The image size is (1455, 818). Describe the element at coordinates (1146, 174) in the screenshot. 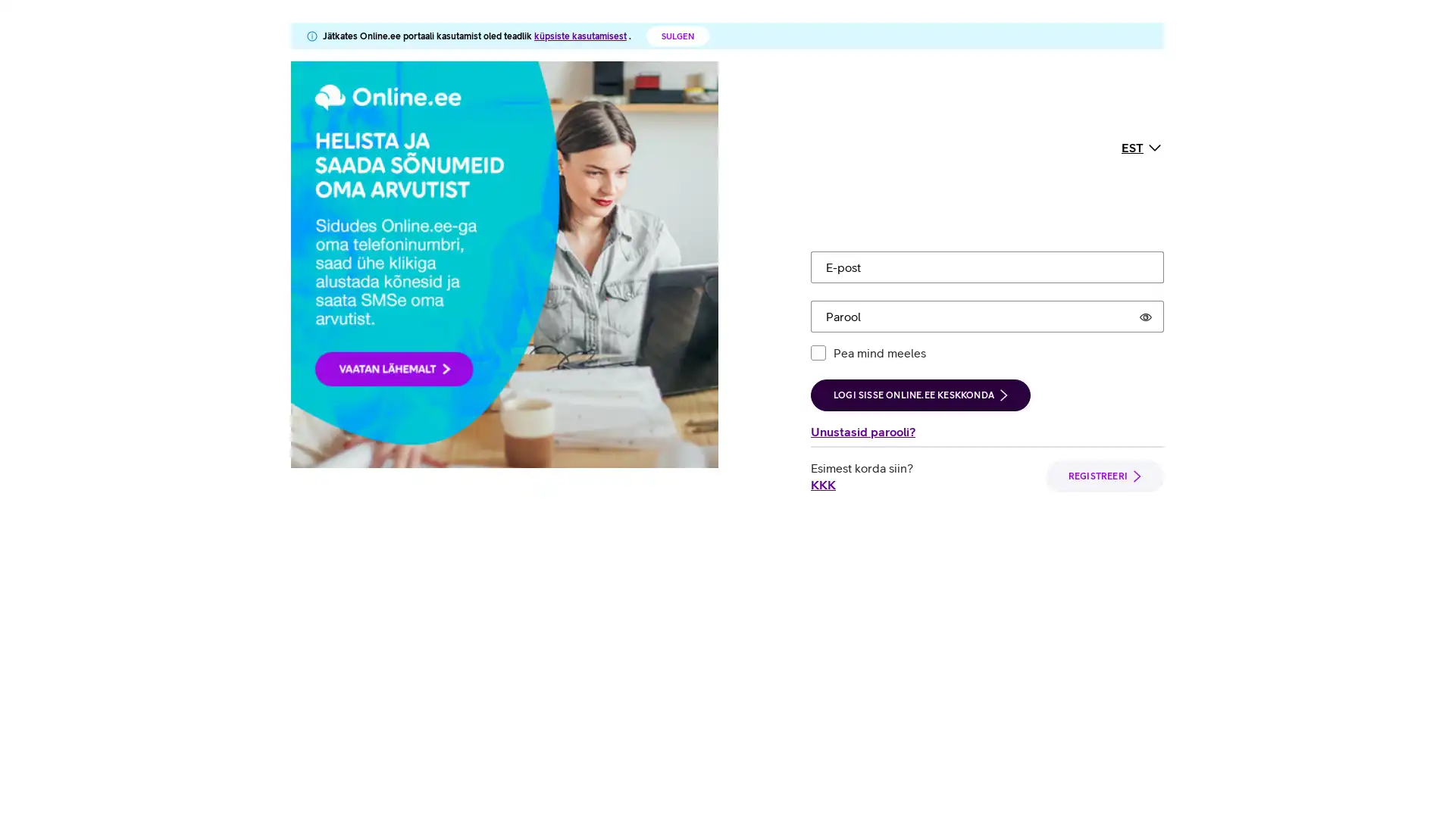

I see `Naitan parooli` at that location.